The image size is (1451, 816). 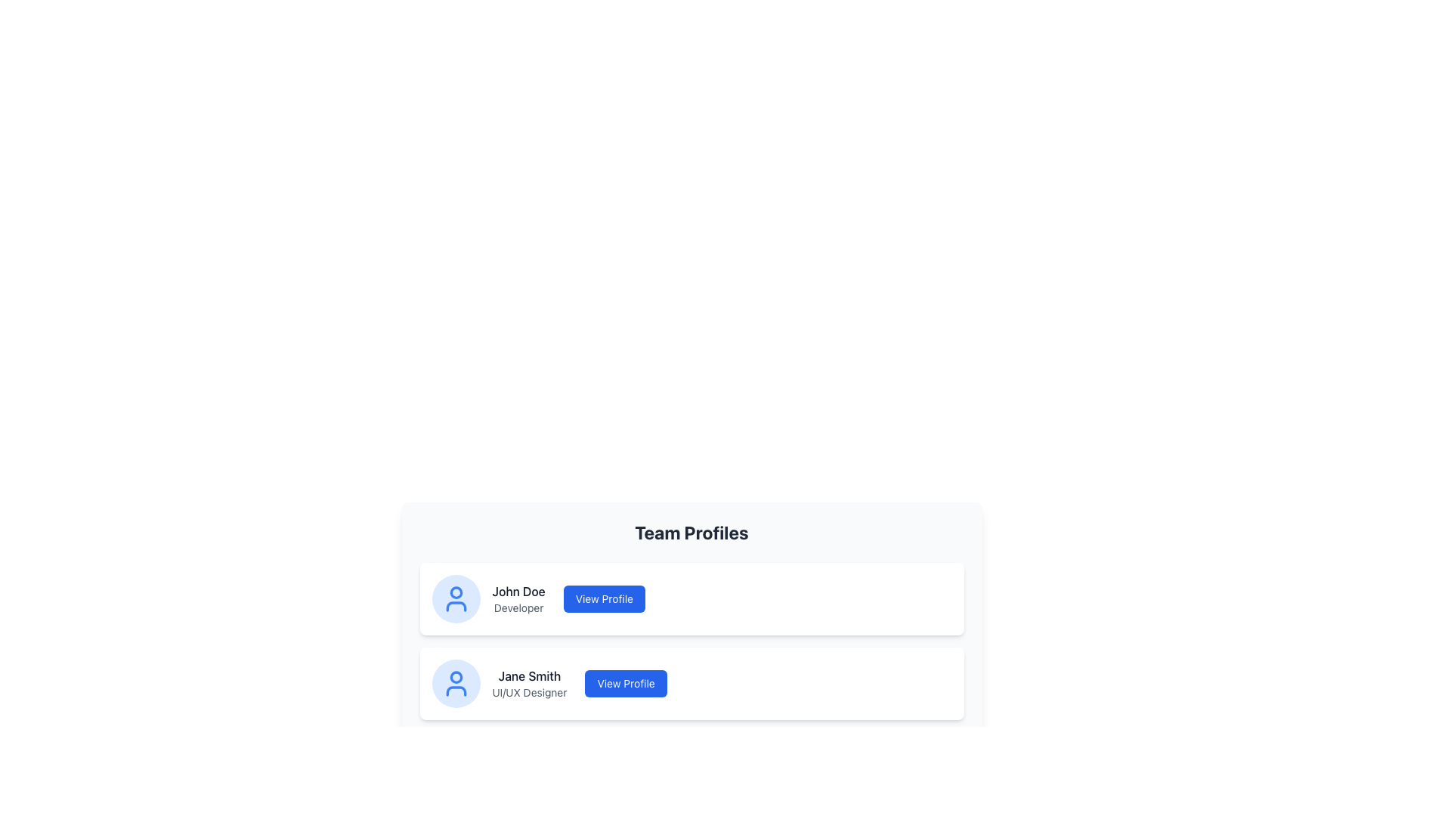 What do you see at coordinates (455, 598) in the screenshot?
I see `the user profile icon located in the first team member's profile card next to the name 'John Doe' in the 'Team Profiles' section` at bounding box center [455, 598].